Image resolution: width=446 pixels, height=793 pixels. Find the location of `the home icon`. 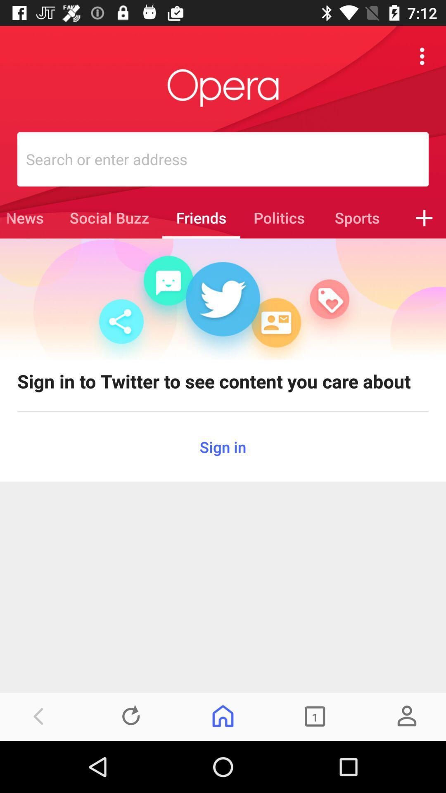

the home icon is located at coordinates (223, 716).